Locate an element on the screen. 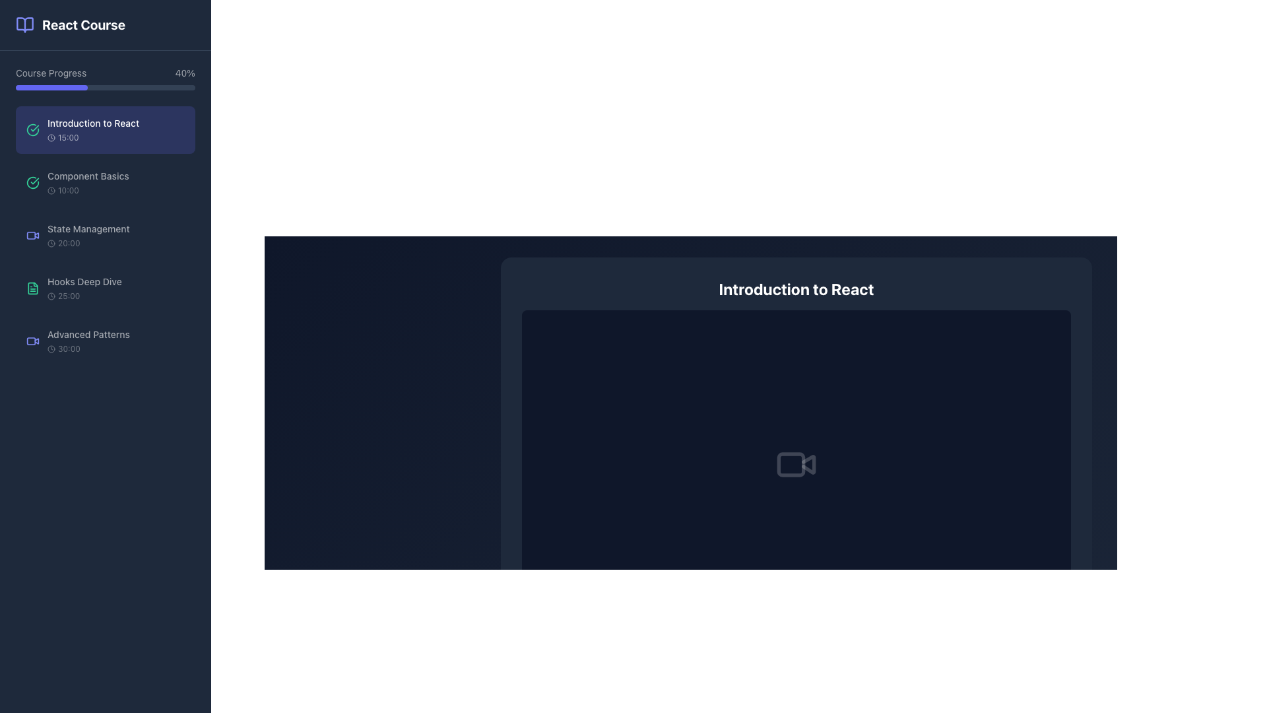  the 'State Management' button in the sidebar of the 'React Course', which features an indigo video icon and white text is located at coordinates (104, 235).